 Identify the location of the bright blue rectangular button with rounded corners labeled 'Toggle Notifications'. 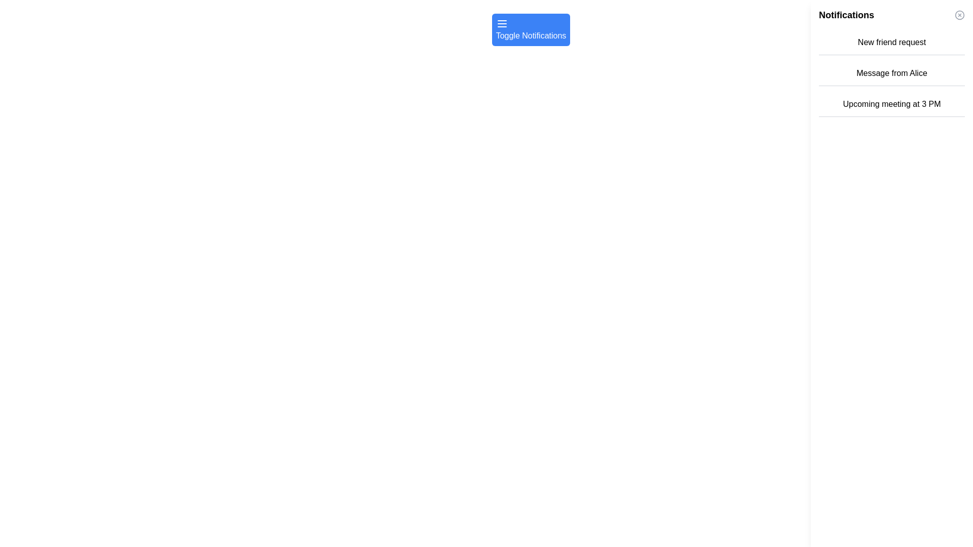
(530, 29).